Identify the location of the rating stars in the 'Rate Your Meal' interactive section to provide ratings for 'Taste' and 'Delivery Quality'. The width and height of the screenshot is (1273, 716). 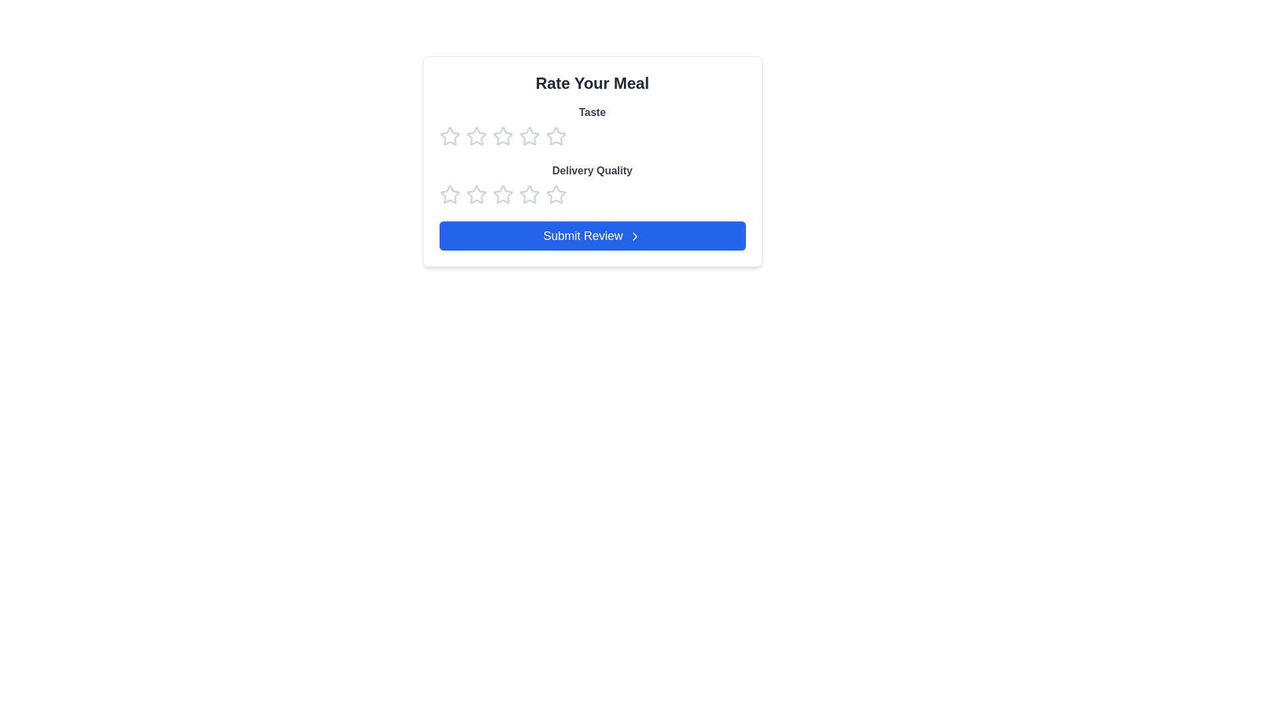
(591, 160).